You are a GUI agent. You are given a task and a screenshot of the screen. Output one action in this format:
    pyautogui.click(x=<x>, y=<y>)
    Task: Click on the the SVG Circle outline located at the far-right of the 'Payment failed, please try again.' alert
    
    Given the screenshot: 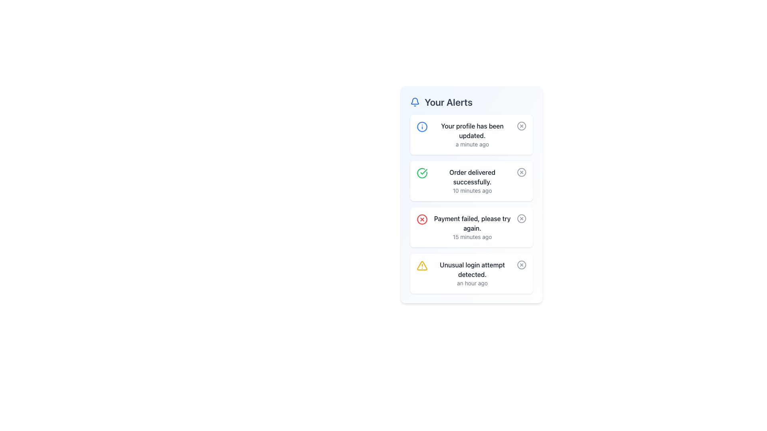 What is the action you would take?
    pyautogui.click(x=521, y=218)
    